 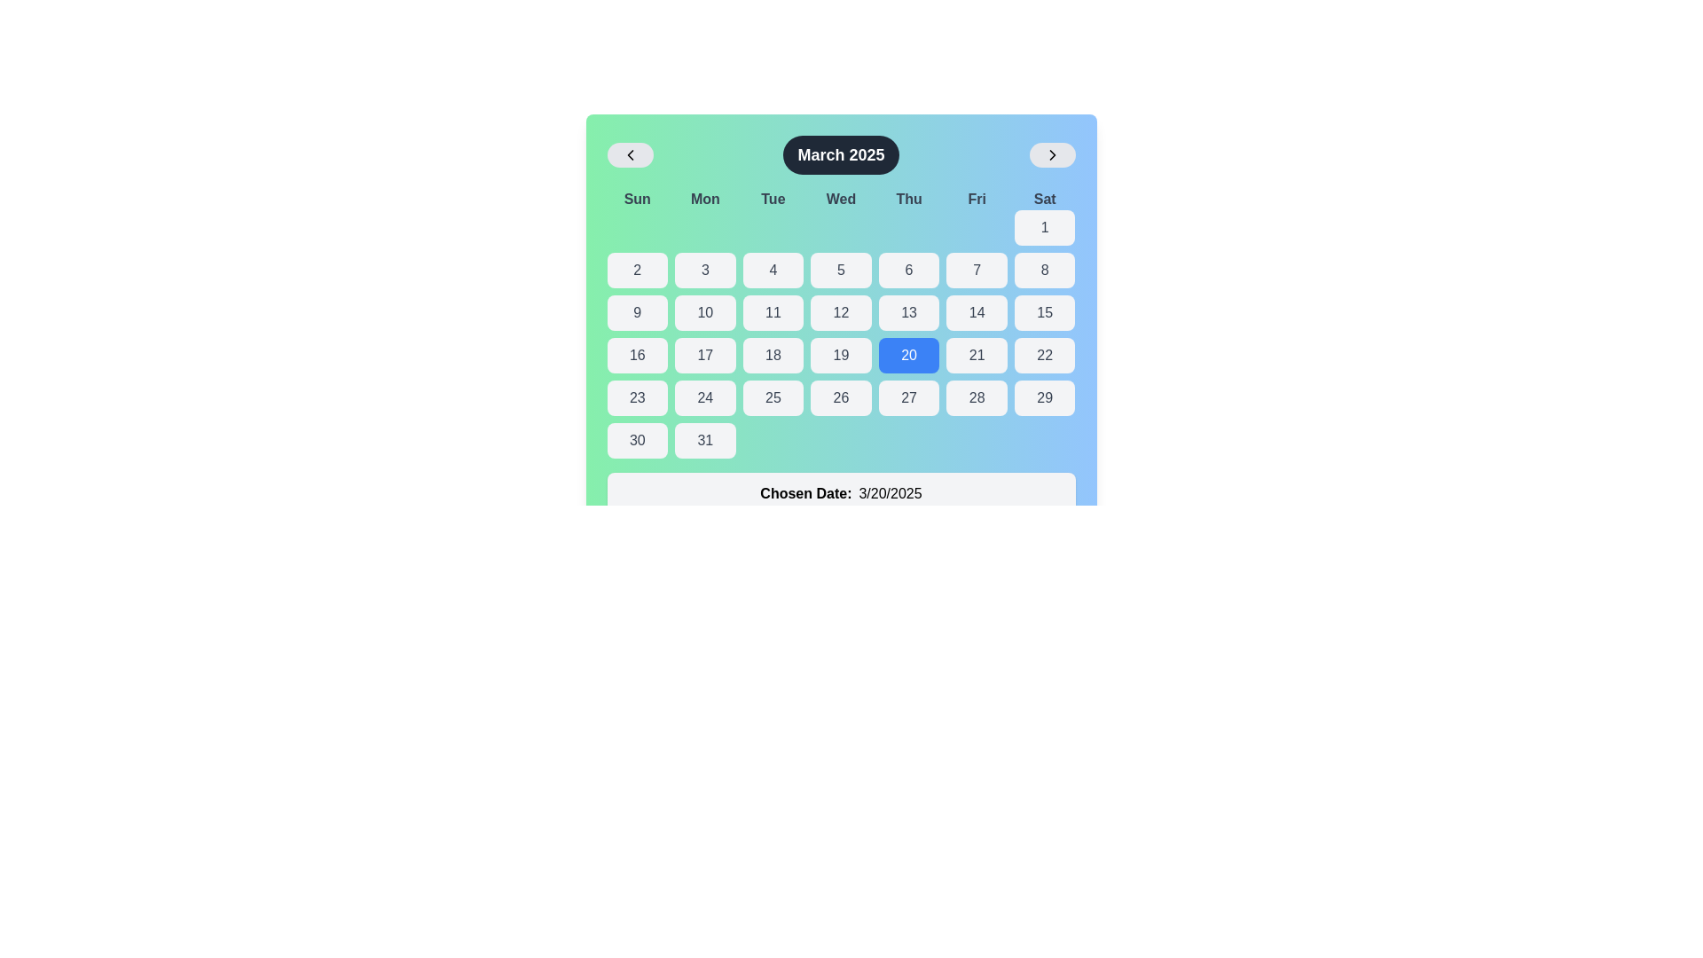 I want to click on the date selector button located at the center of the calendar grid representing the date 18, so click(x=773, y=356).